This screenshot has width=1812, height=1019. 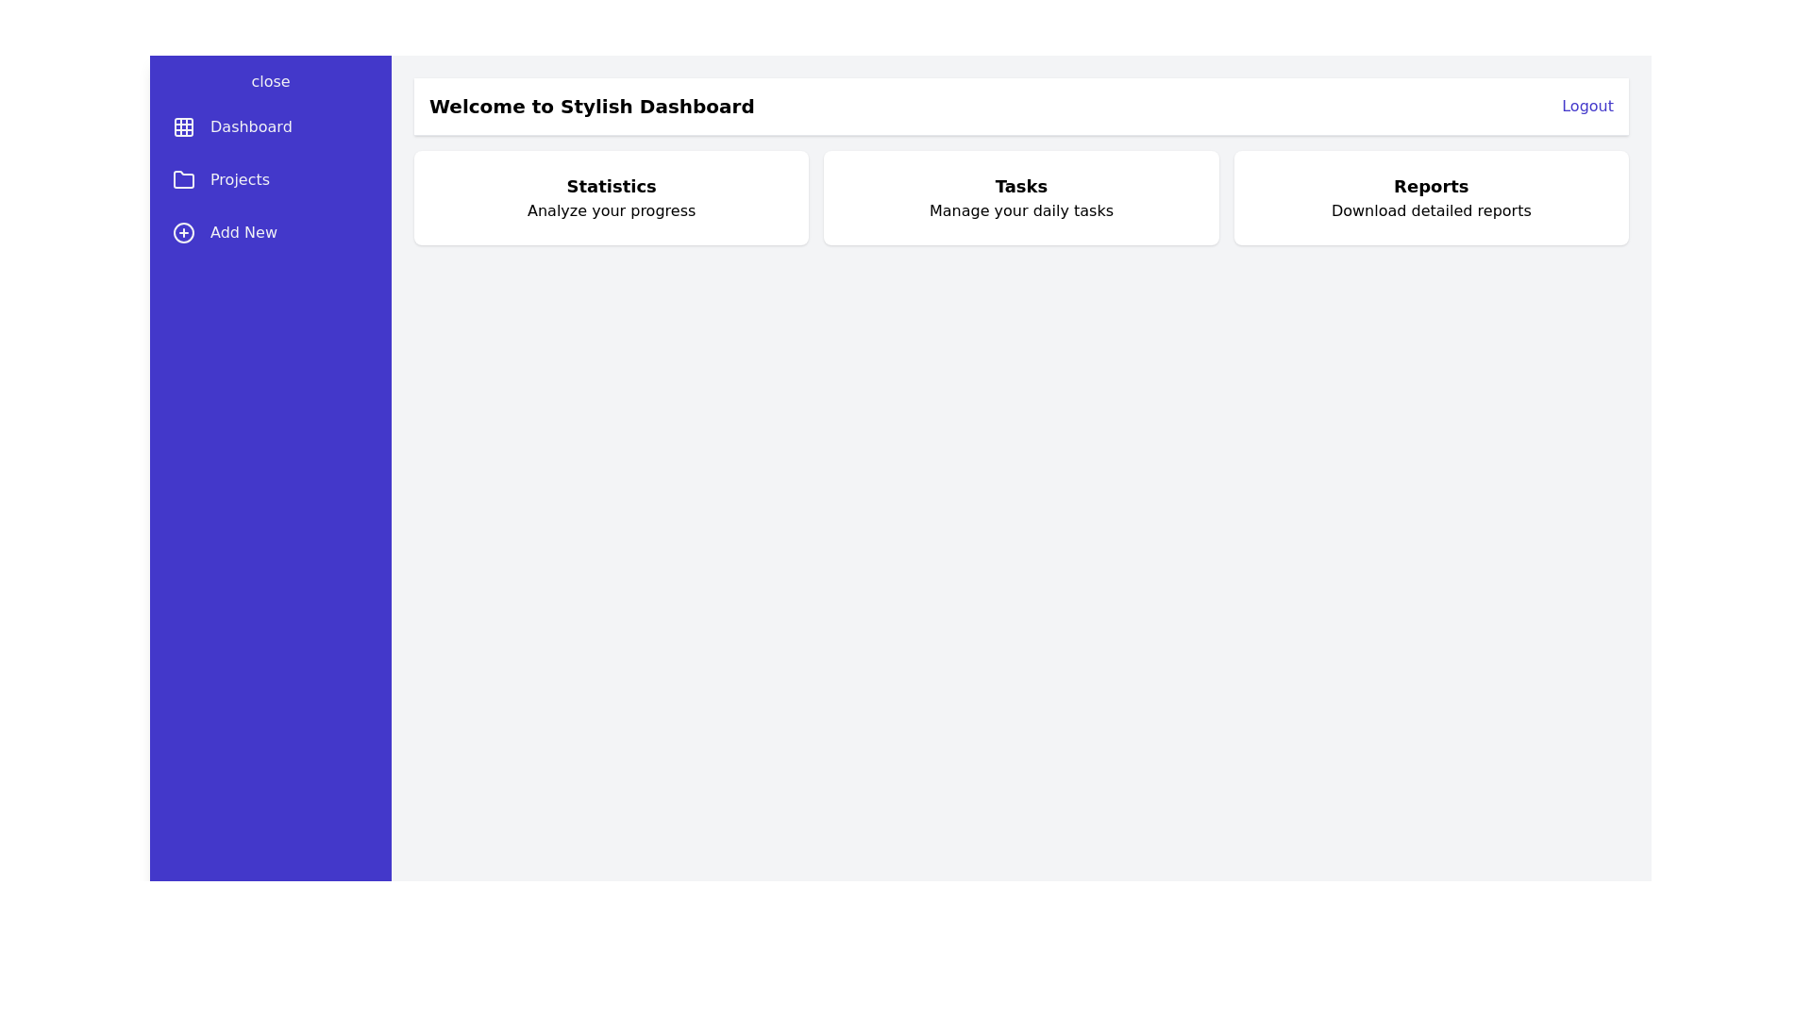 I want to click on the 'Add New' text label within the navigation menu, so click(x=243, y=231).